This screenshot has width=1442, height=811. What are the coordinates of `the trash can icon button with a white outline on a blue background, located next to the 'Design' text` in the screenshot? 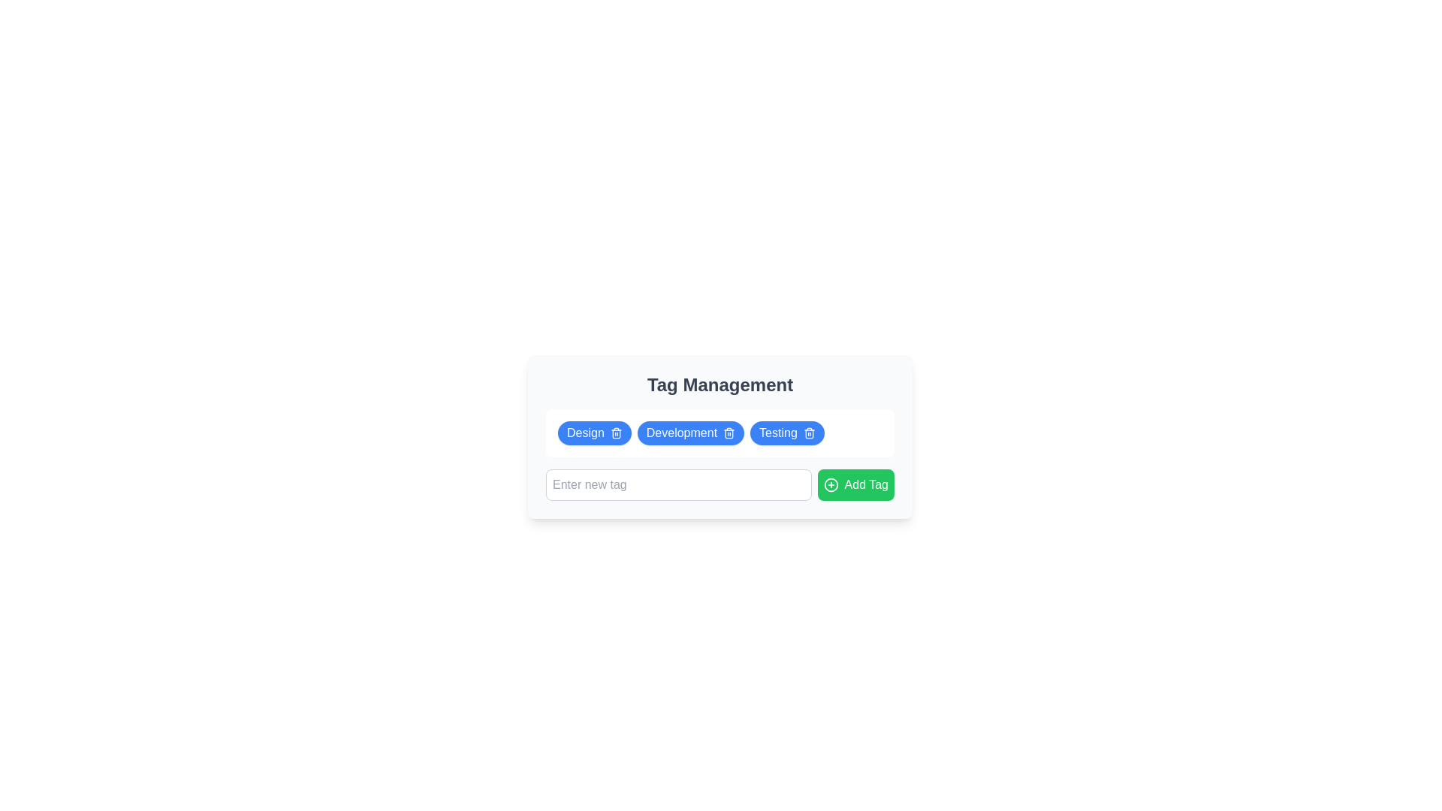 It's located at (616, 433).